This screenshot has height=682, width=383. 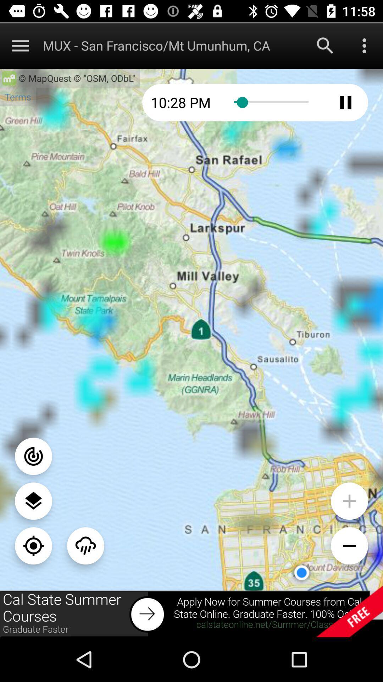 I want to click on zoom in the location, so click(x=349, y=500).